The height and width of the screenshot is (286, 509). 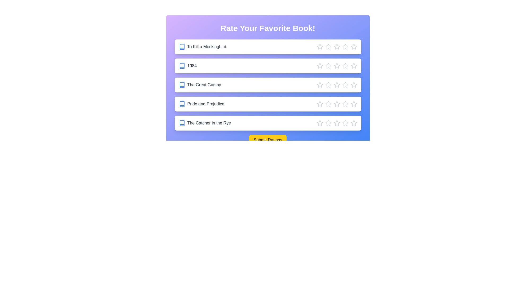 What do you see at coordinates (345, 104) in the screenshot?
I see `the star corresponding to 4 stars for the book Pride and Prejudice` at bounding box center [345, 104].